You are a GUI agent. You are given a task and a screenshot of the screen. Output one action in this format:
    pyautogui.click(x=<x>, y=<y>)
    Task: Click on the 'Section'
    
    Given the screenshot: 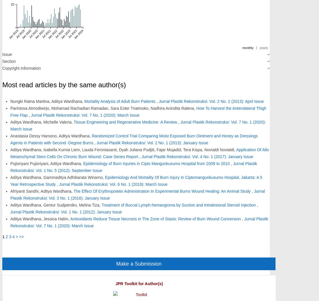 What is the action you would take?
    pyautogui.click(x=9, y=61)
    